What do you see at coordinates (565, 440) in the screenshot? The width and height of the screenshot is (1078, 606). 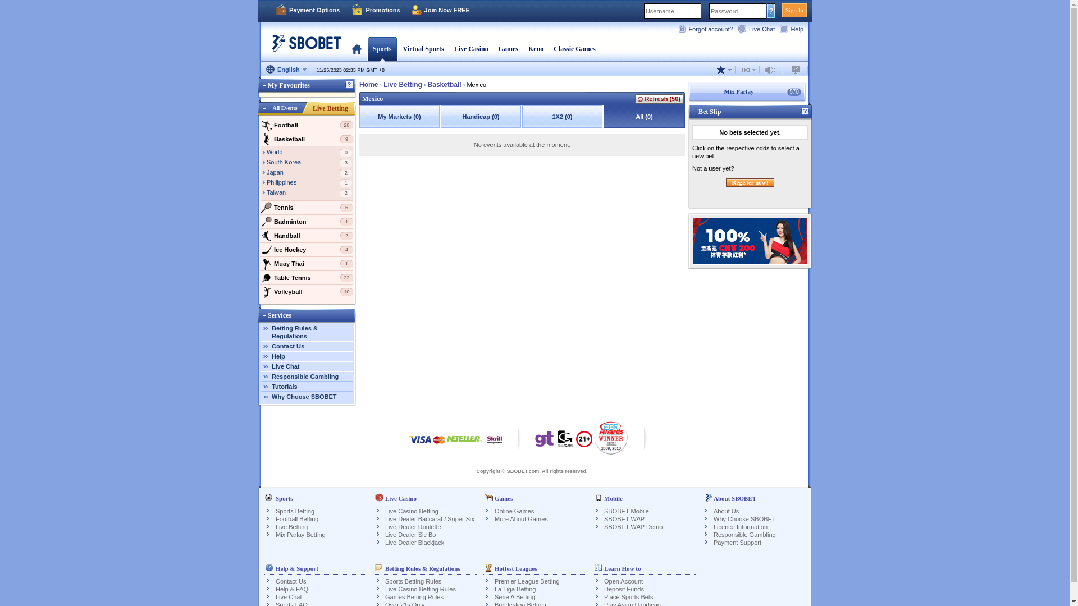 I see `'Responsible Gambling - Visit GamCare'` at bounding box center [565, 440].